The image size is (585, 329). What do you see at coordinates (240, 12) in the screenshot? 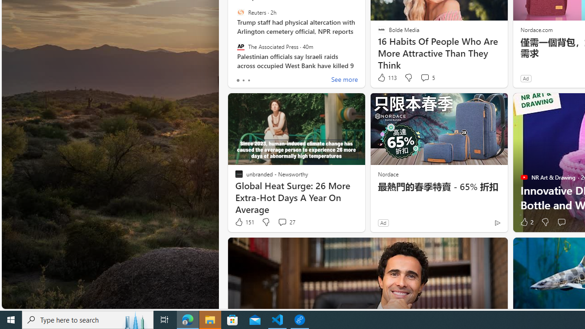
I see `'Reuters'` at bounding box center [240, 12].